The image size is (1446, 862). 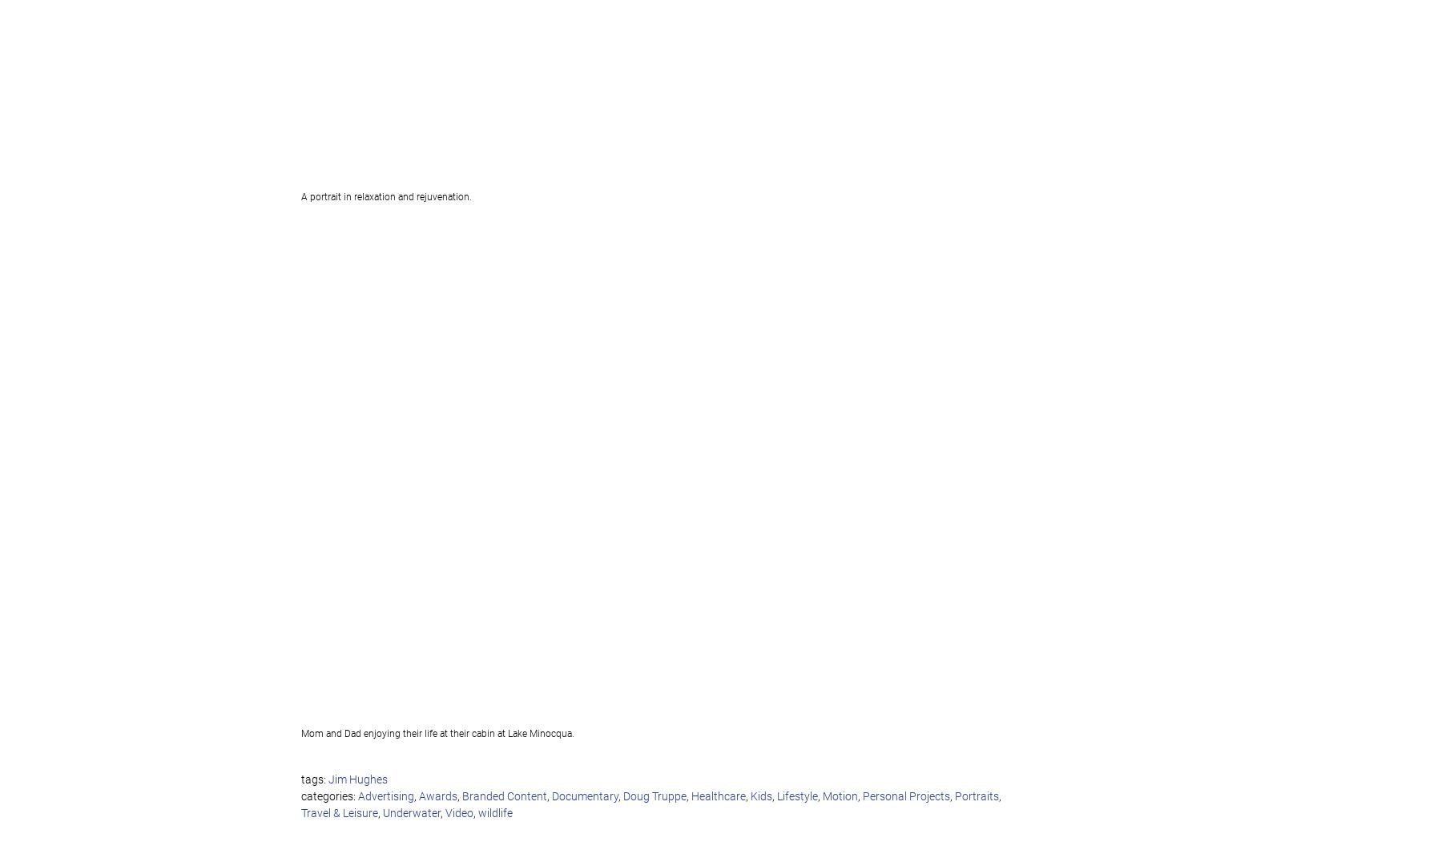 I want to click on 'Jim Hughes', so click(x=356, y=779).